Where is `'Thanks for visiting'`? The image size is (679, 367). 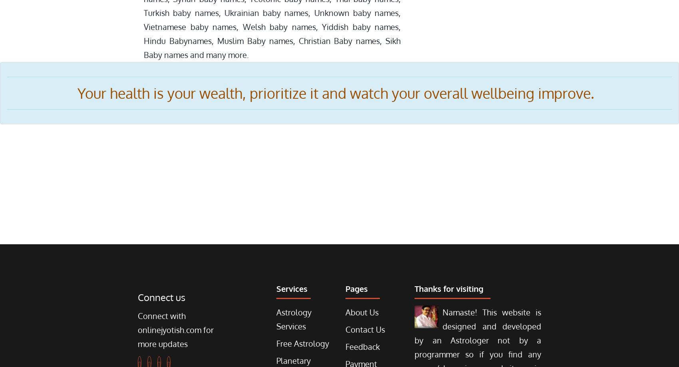 'Thanks for visiting' is located at coordinates (449, 288).